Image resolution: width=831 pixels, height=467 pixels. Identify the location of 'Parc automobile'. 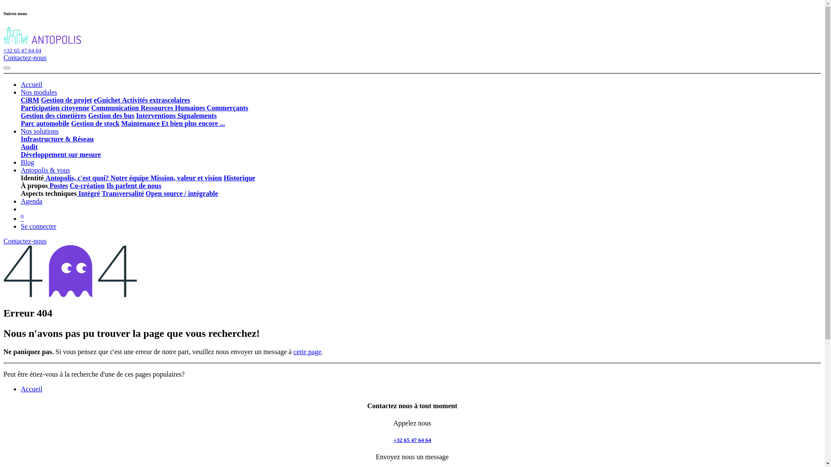
(45, 123).